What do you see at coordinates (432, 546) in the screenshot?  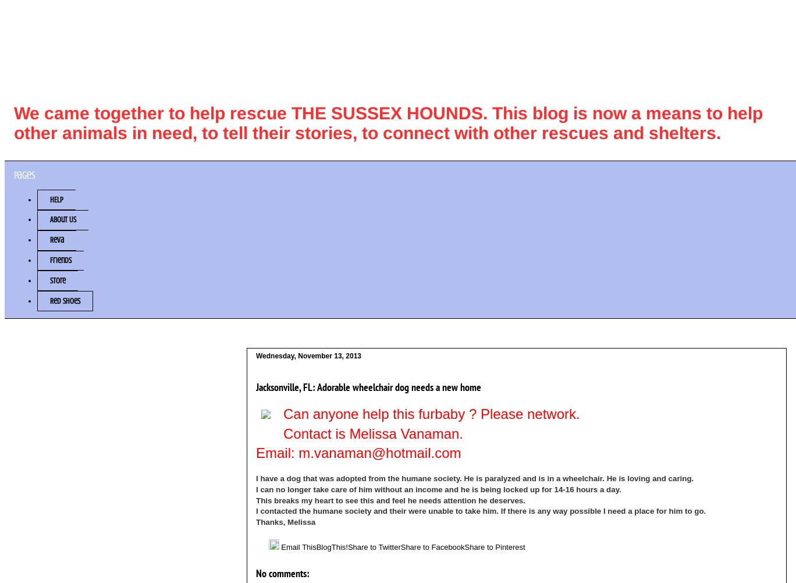 I see `'Share to Facebook'` at bounding box center [432, 546].